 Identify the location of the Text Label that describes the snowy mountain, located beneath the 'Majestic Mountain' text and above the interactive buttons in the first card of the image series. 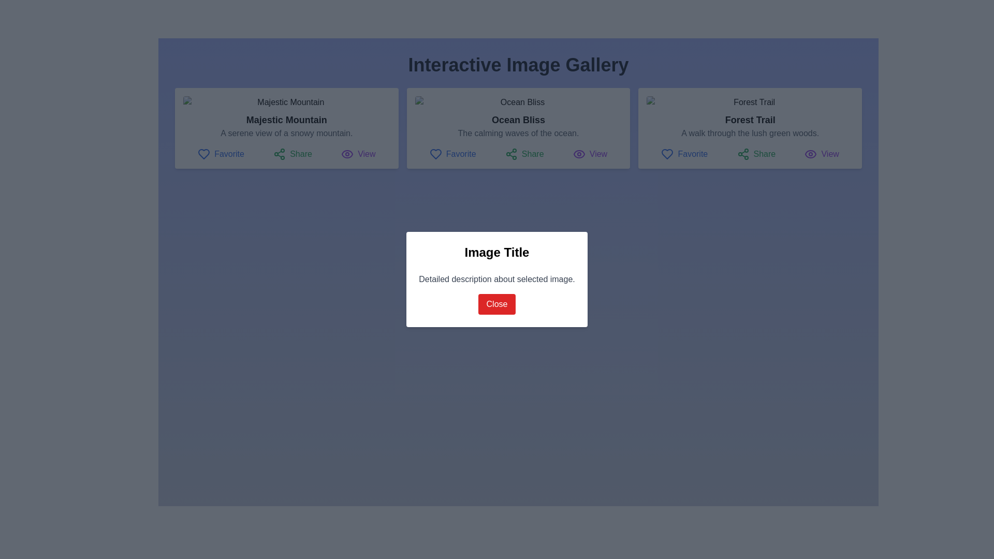
(286, 133).